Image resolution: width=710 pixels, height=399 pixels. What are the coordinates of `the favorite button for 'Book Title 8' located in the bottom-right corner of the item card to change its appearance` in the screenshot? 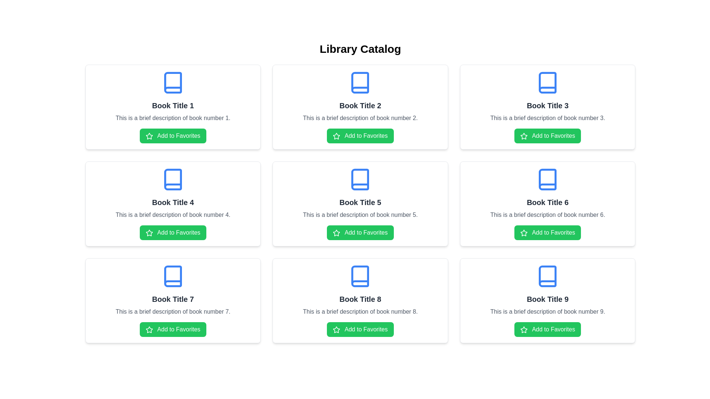 It's located at (360, 329).